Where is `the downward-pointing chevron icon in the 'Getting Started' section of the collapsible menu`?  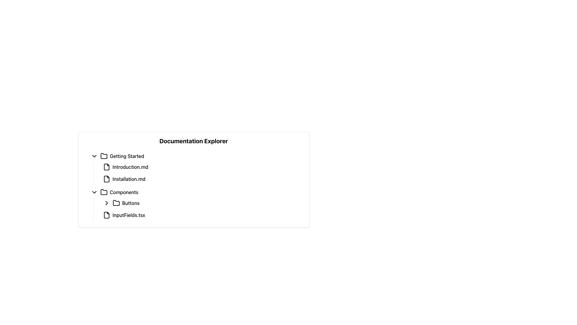
the downward-pointing chevron icon in the 'Getting Started' section of the collapsible menu is located at coordinates (94, 156).